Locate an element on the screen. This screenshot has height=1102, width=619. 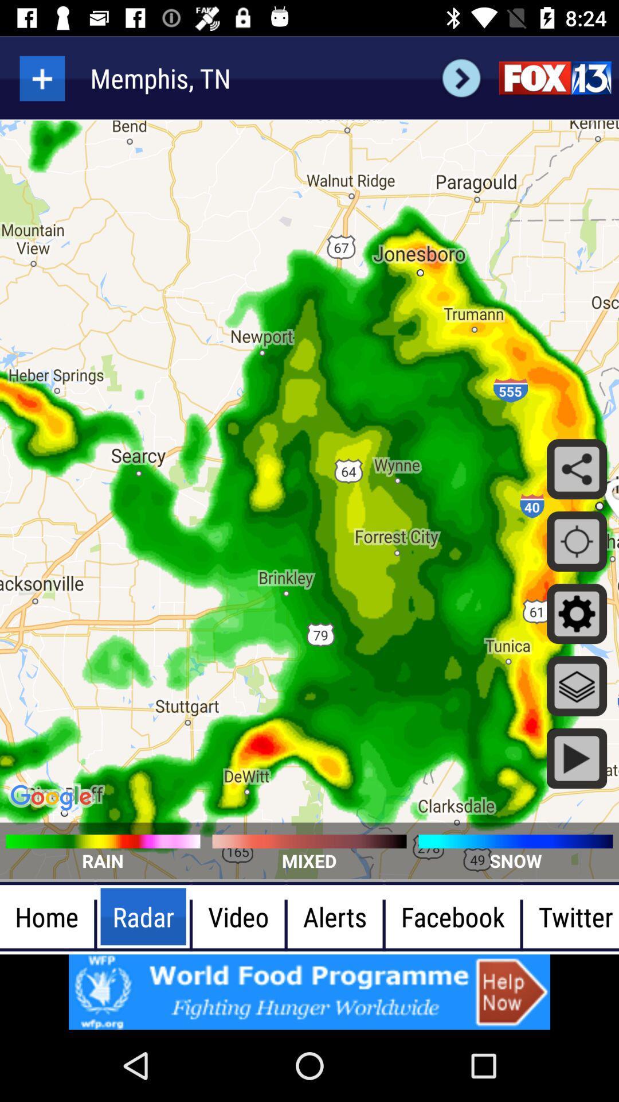
advertisement button is located at coordinates (309, 991).